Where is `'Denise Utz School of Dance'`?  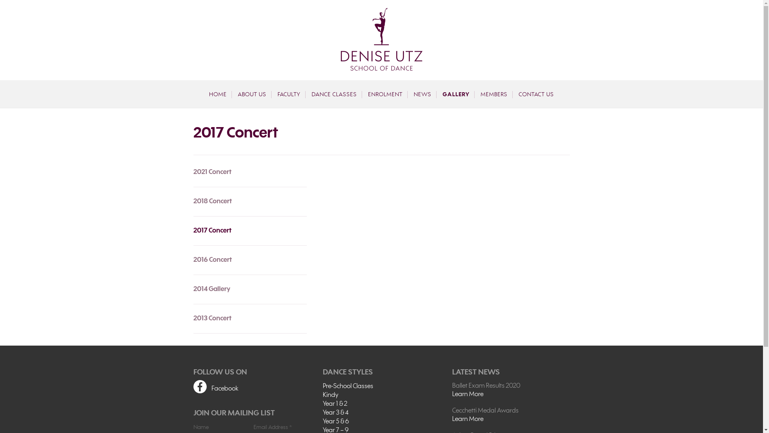
'Denise Utz School of Dance' is located at coordinates (340, 39).